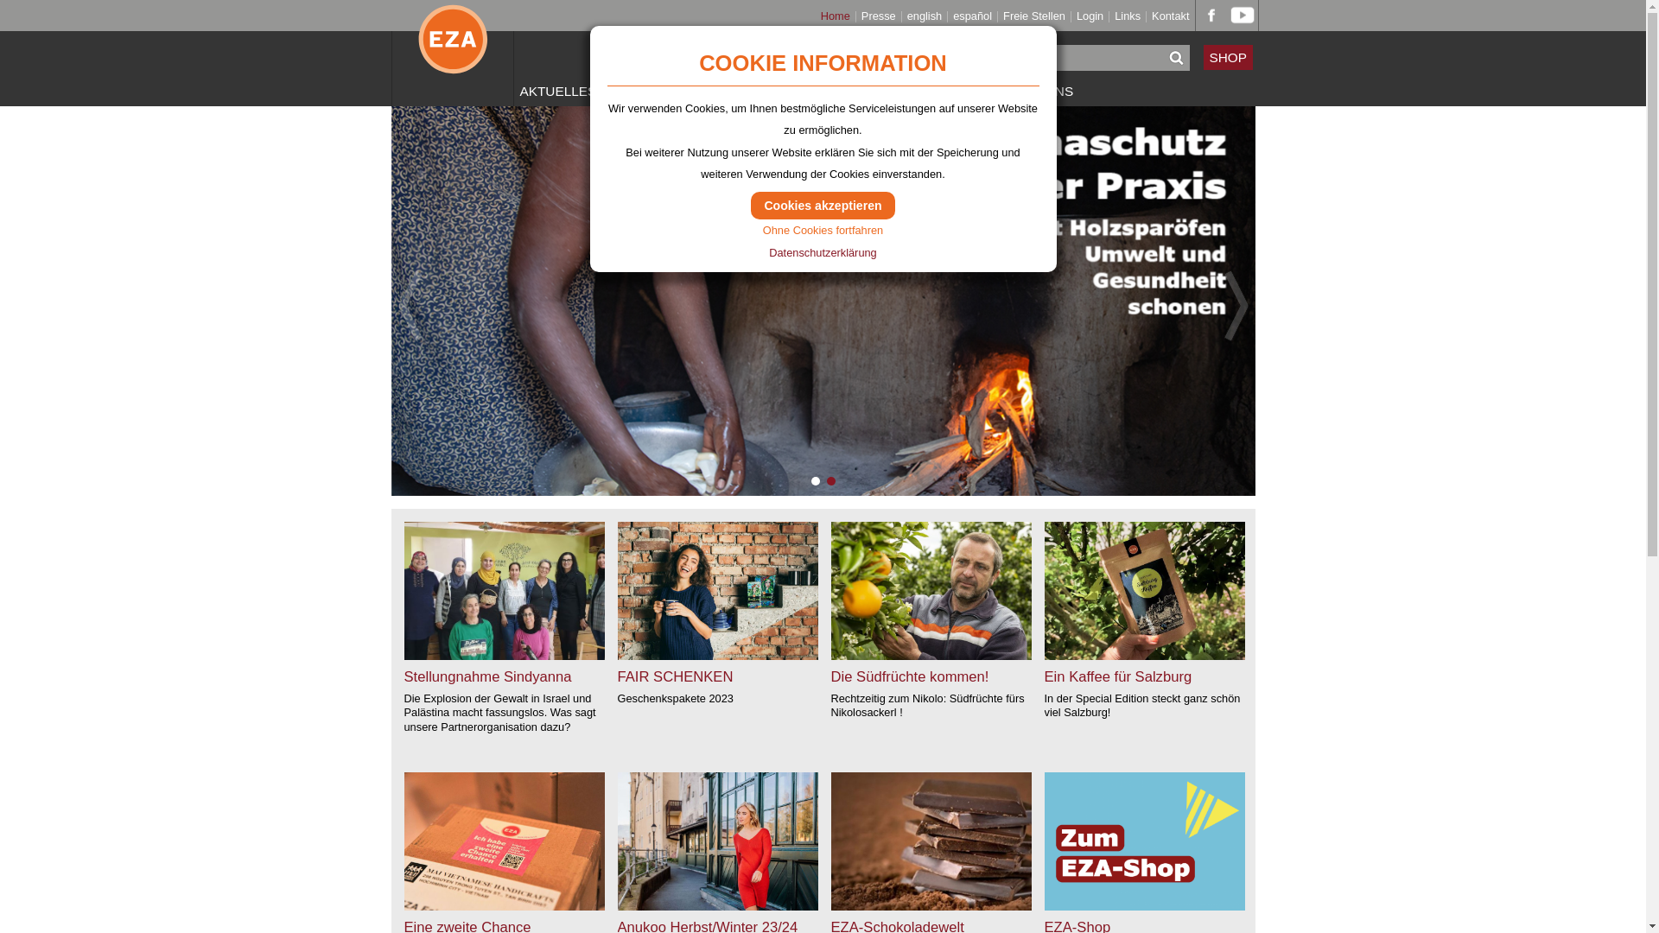  Describe the element at coordinates (1194, 13) in the screenshot. I see `'EZA bei facebook'` at that location.